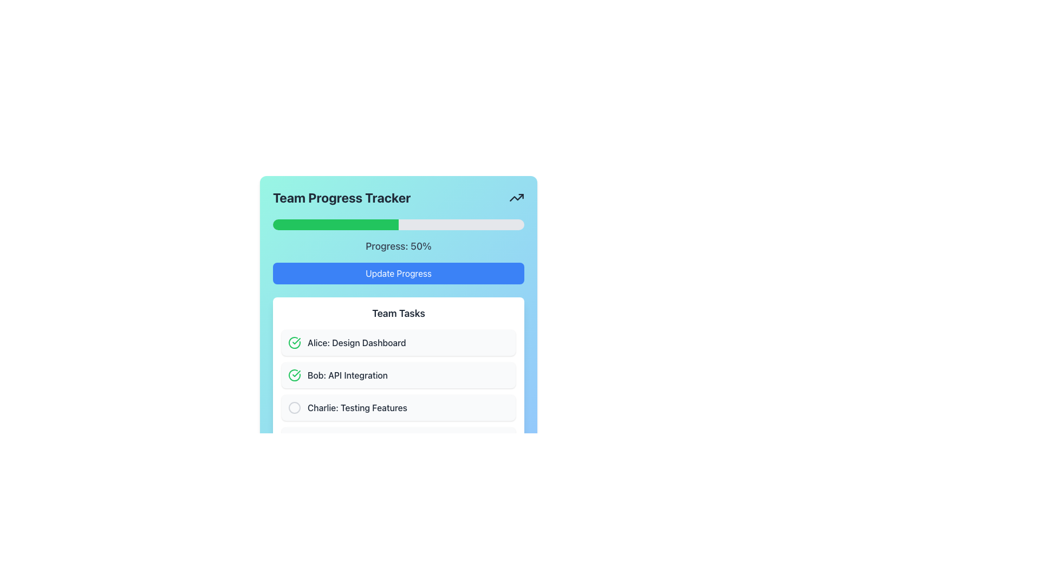 This screenshot has width=1040, height=585. Describe the element at coordinates (357, 407) in the screenshot. I see `the text label displaying 'Charlie: Testing Features' which is the third task in the 'Team Tasks' section, located below 'Bob: API Integration'` at that location.